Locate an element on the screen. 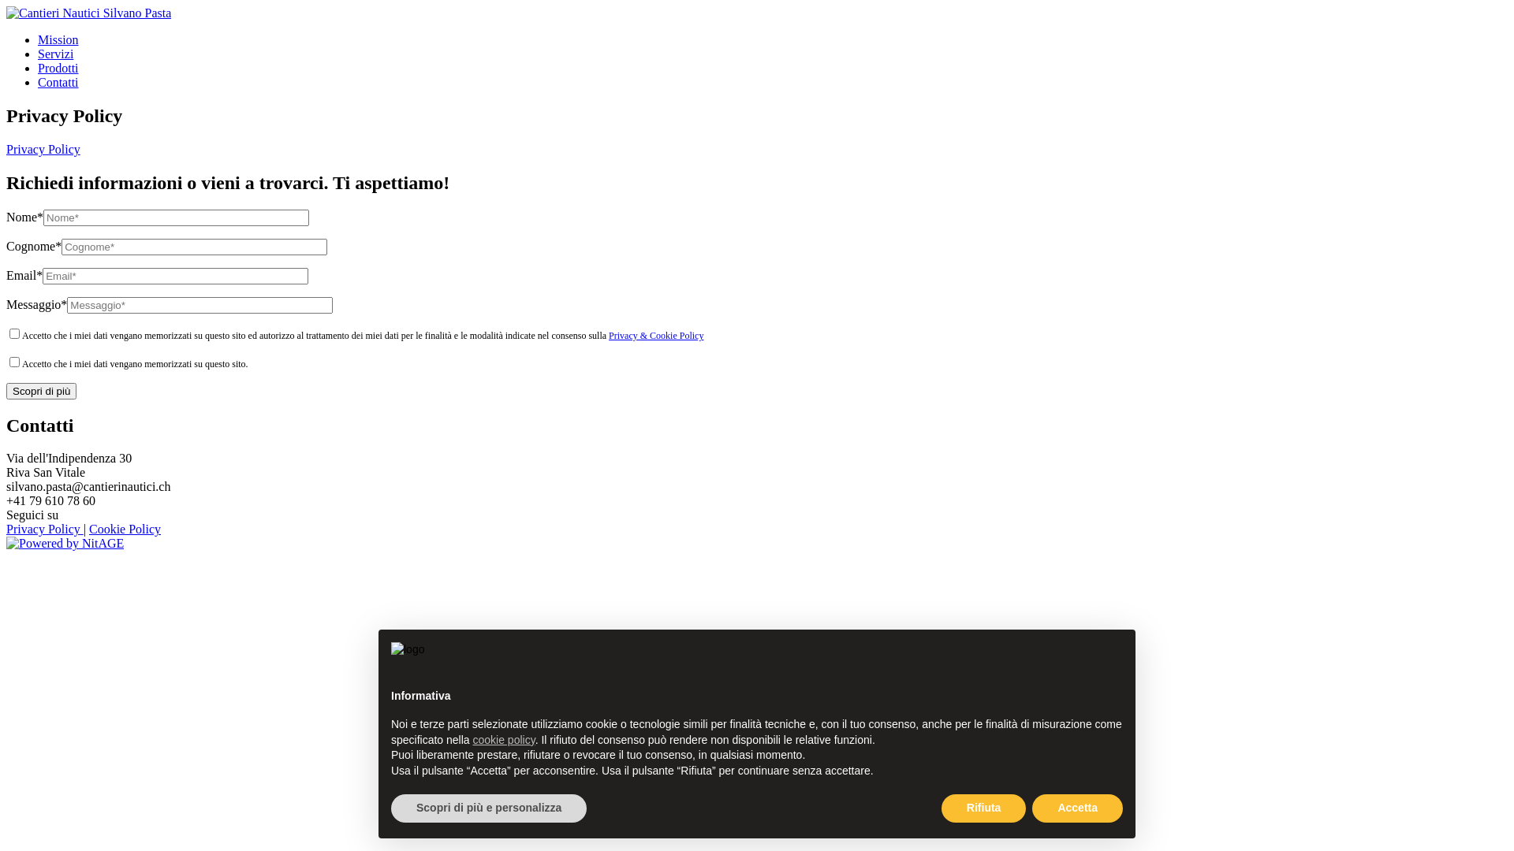 The image size is (1514, 851). 'Privacy & Cookie Policy' is located at coordinates (608, 334).